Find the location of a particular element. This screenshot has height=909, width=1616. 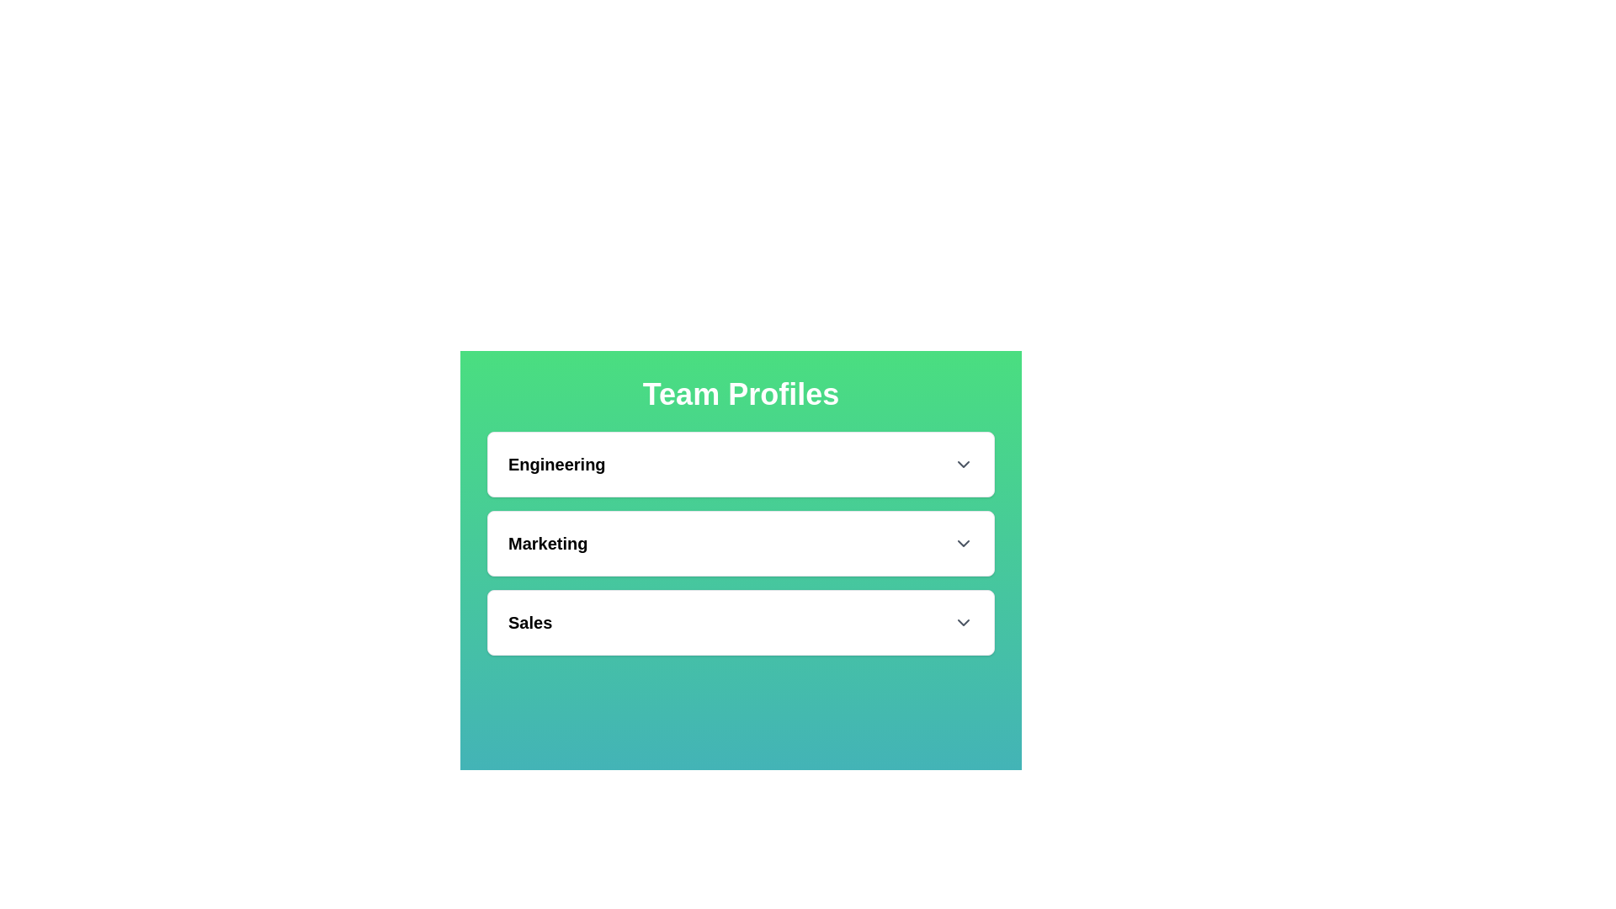

the second item in the dropdown menu under 'Team Profiles' is located at coordinates (741, 543).